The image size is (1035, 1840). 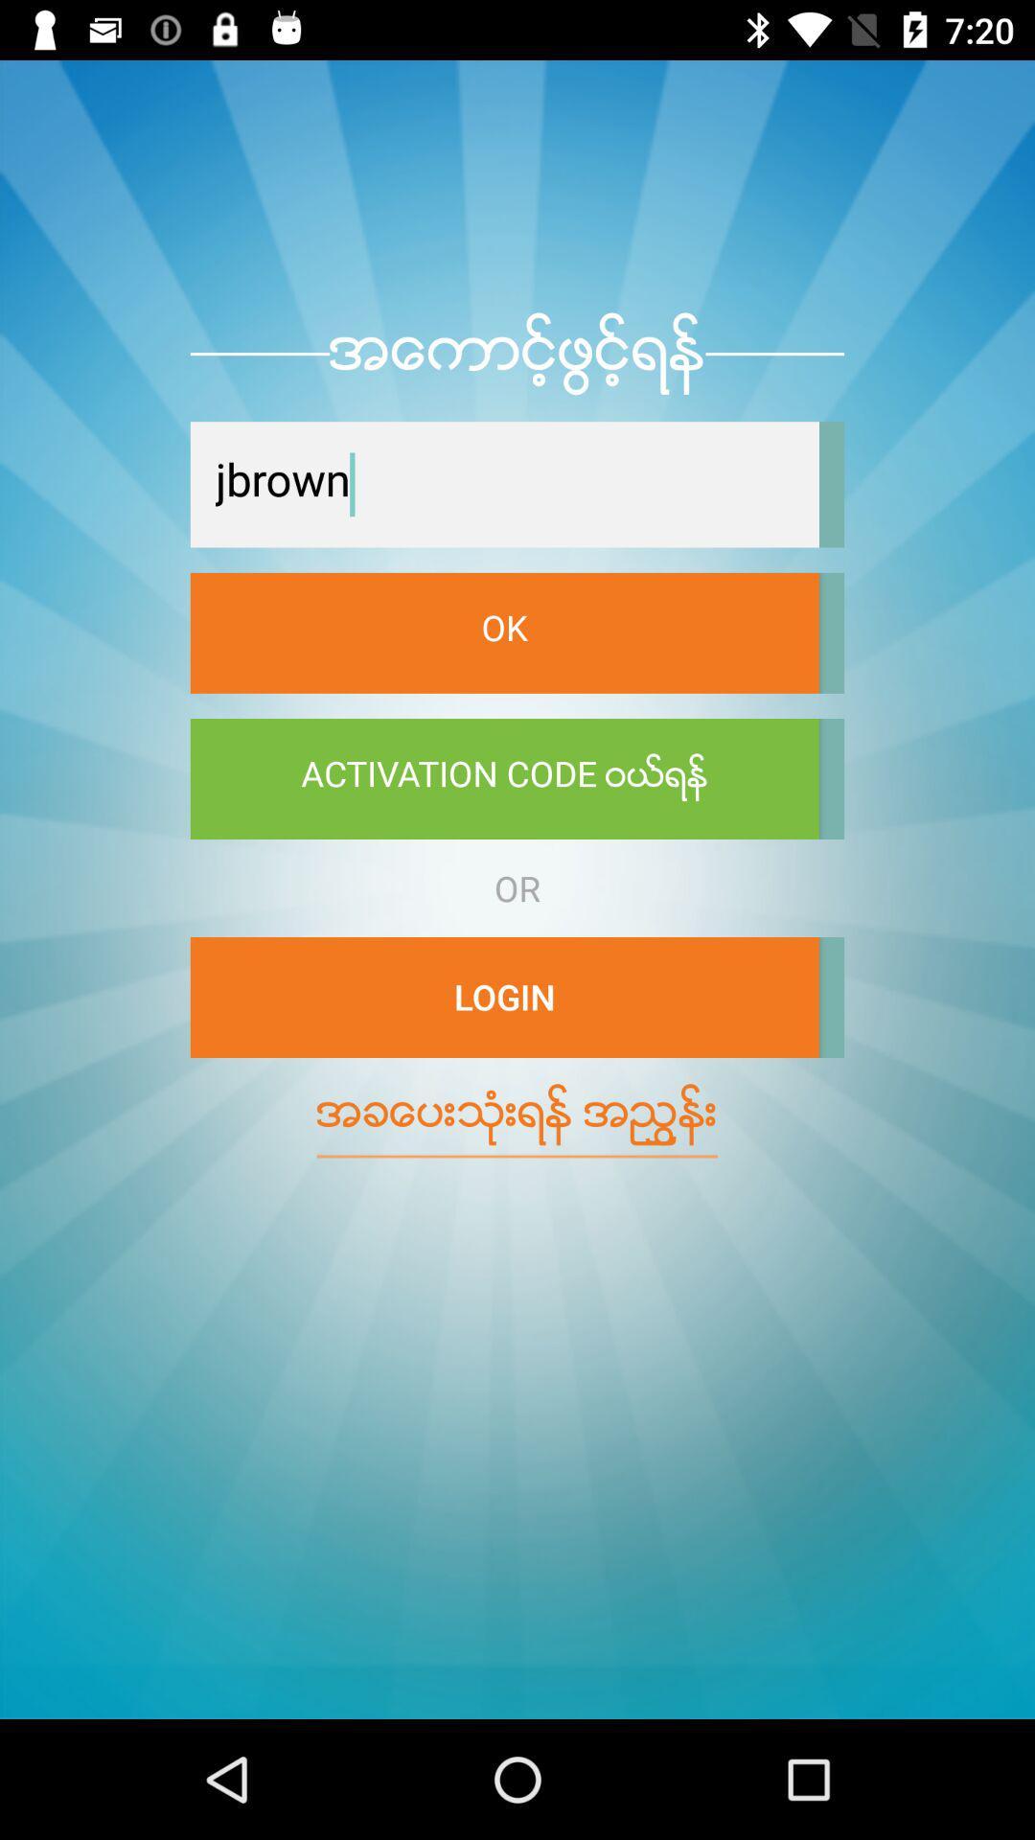 I want to click on item below login icon, so click(x=517, y=1115).